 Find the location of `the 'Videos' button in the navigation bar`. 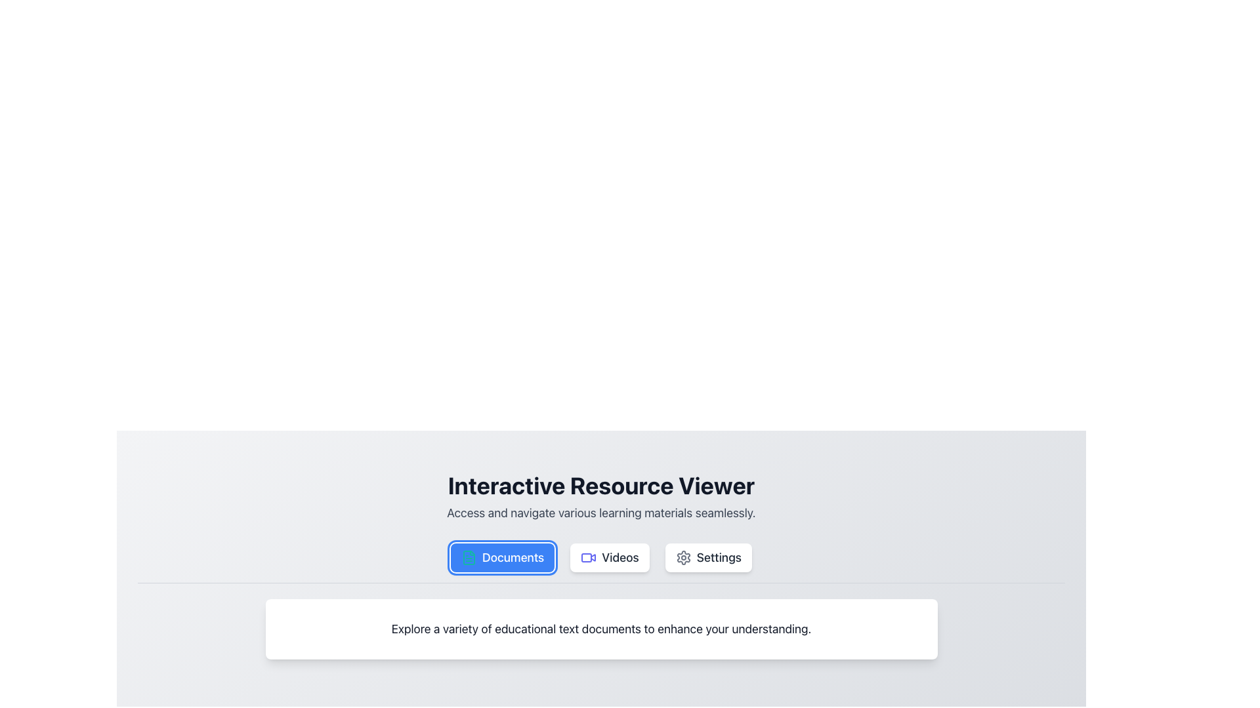

the 'Videos' button in the navigation bar is located at coordinates (609, 558).